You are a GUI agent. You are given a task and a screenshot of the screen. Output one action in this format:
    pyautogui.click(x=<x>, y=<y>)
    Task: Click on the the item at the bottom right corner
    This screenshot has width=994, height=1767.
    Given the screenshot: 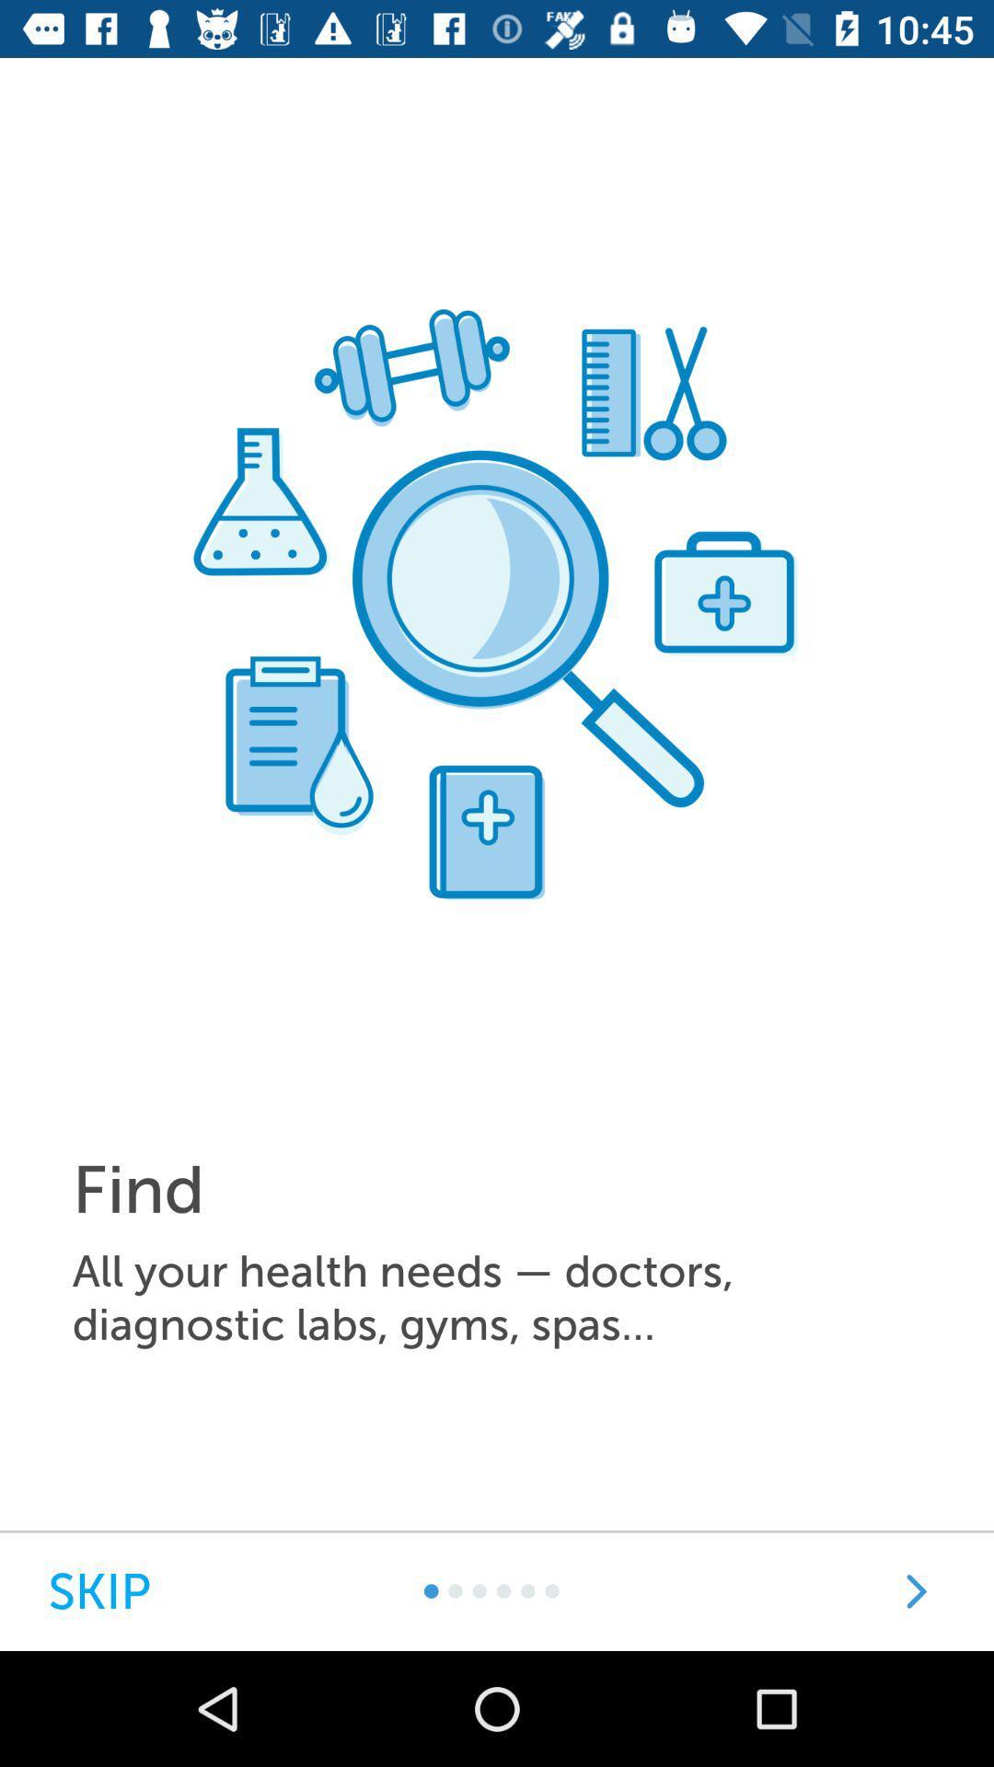 What is the action you would take?
    pyautogui.click(x=916, y=1590)
    